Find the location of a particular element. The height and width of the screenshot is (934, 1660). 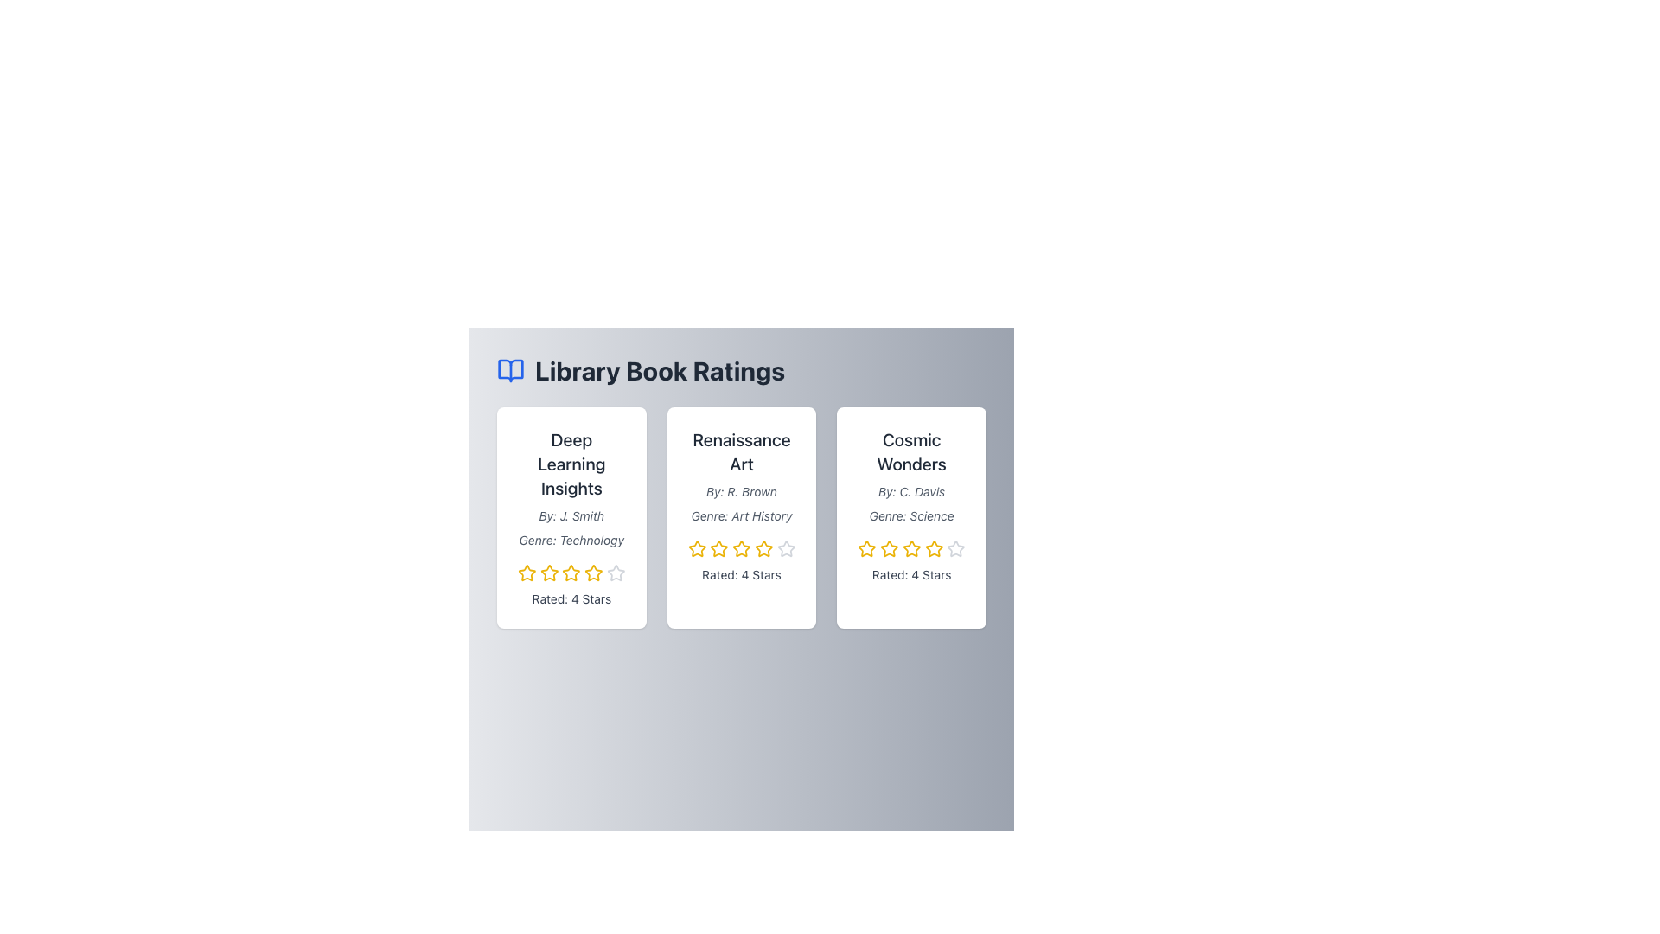

the rating is located at coordinates (916, 548).